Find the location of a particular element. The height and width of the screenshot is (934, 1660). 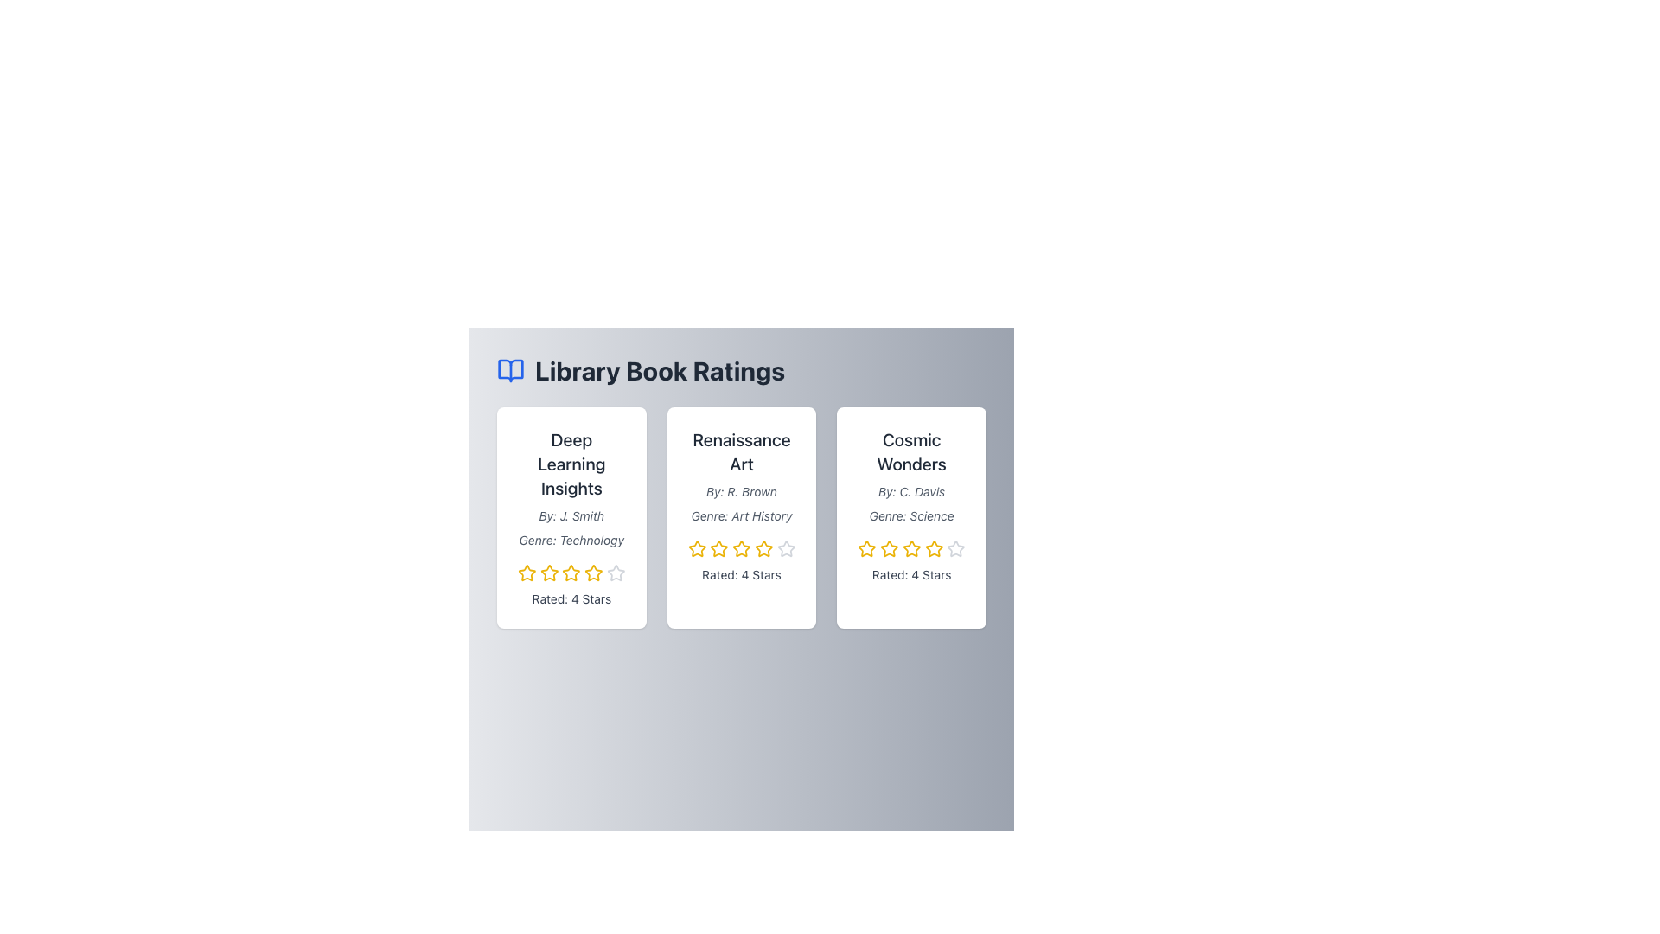

the rating is located at coordinates (916, 548).